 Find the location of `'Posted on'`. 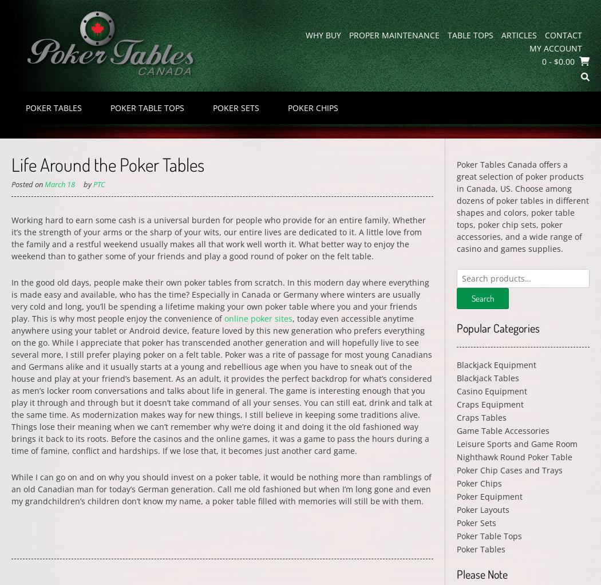

'Posted on' is located at coordinates (27, 184).